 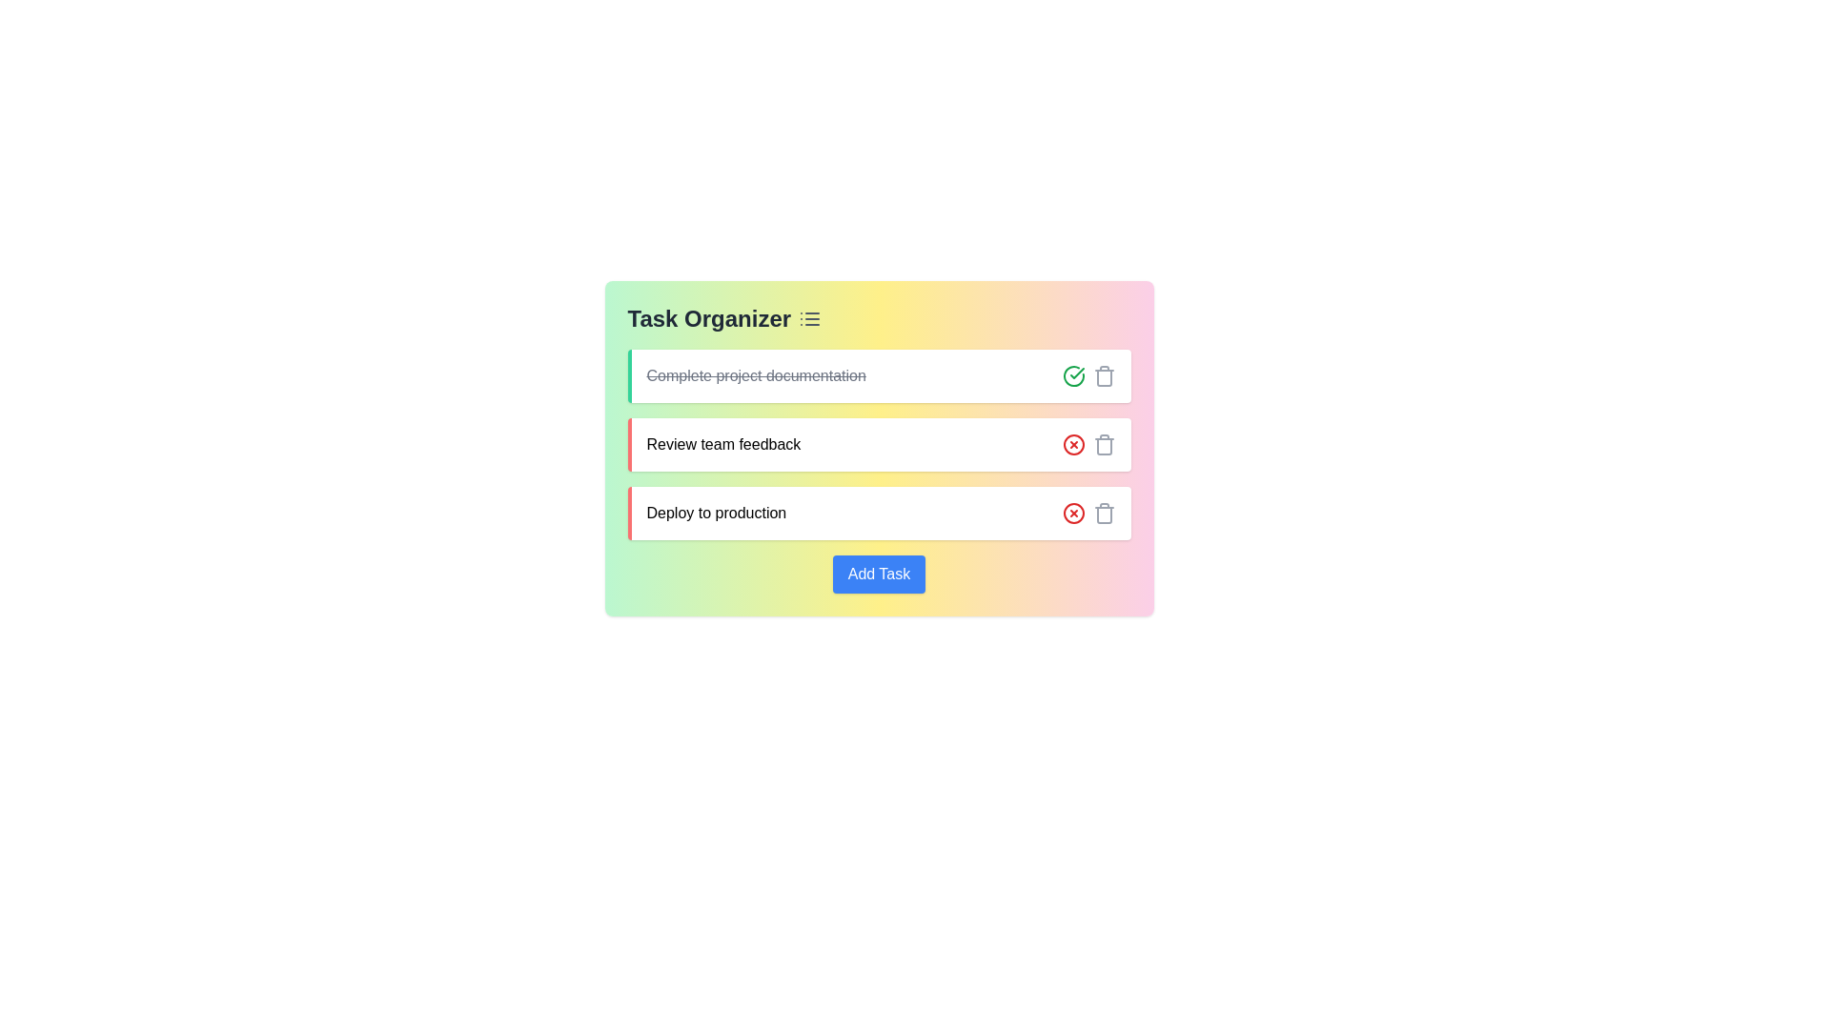 I want to click on the non-interactive text label that describes the task title in the third task block of the 'Task Organizer' application, so click(x=715, y=513).